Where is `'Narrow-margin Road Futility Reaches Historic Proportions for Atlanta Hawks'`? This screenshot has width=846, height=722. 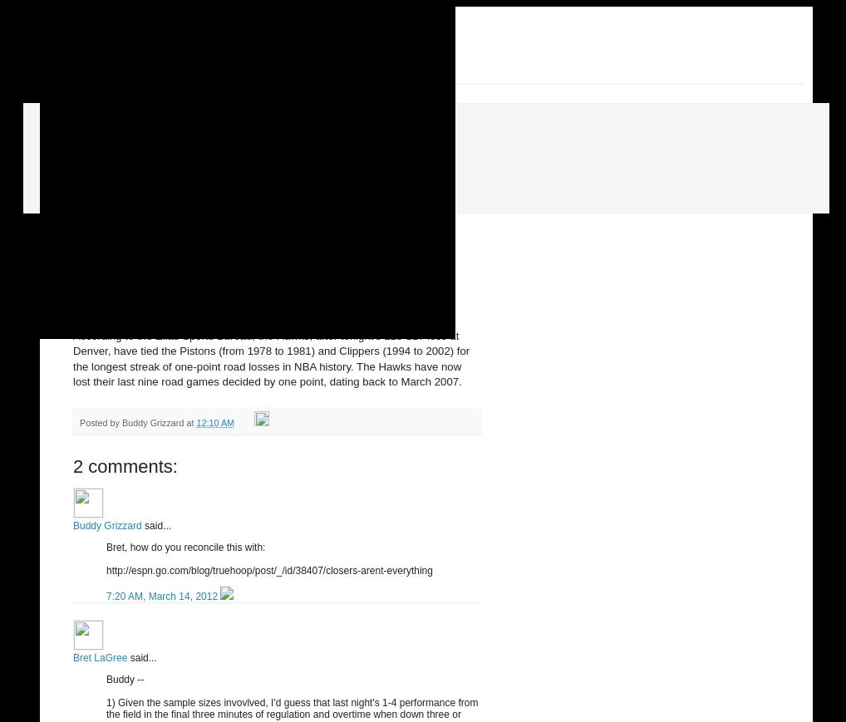 'Narrow-margin Road Futility Reaches Historic Proportions for Atlanta Hawks' is located at coordinates (257, 292).